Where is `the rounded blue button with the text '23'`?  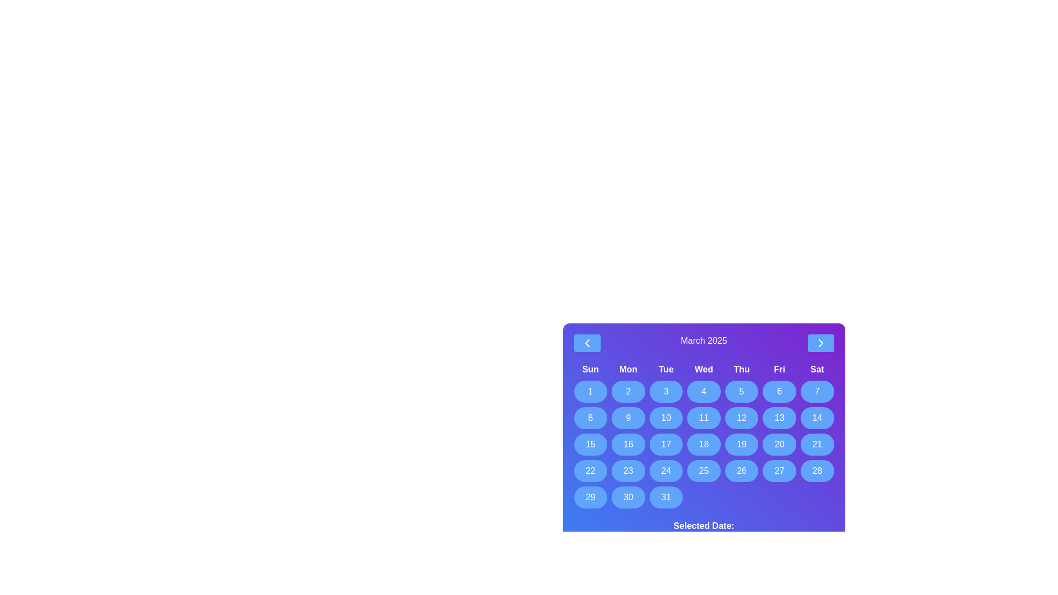 the rounded blue button with the text '23' is located at coordinates (628, 471).